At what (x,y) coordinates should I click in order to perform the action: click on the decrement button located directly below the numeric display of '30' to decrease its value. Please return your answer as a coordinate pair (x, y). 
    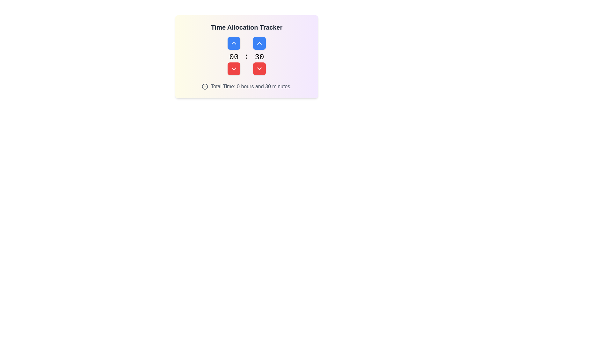
    Looking at the image, I should click on (259, 69).